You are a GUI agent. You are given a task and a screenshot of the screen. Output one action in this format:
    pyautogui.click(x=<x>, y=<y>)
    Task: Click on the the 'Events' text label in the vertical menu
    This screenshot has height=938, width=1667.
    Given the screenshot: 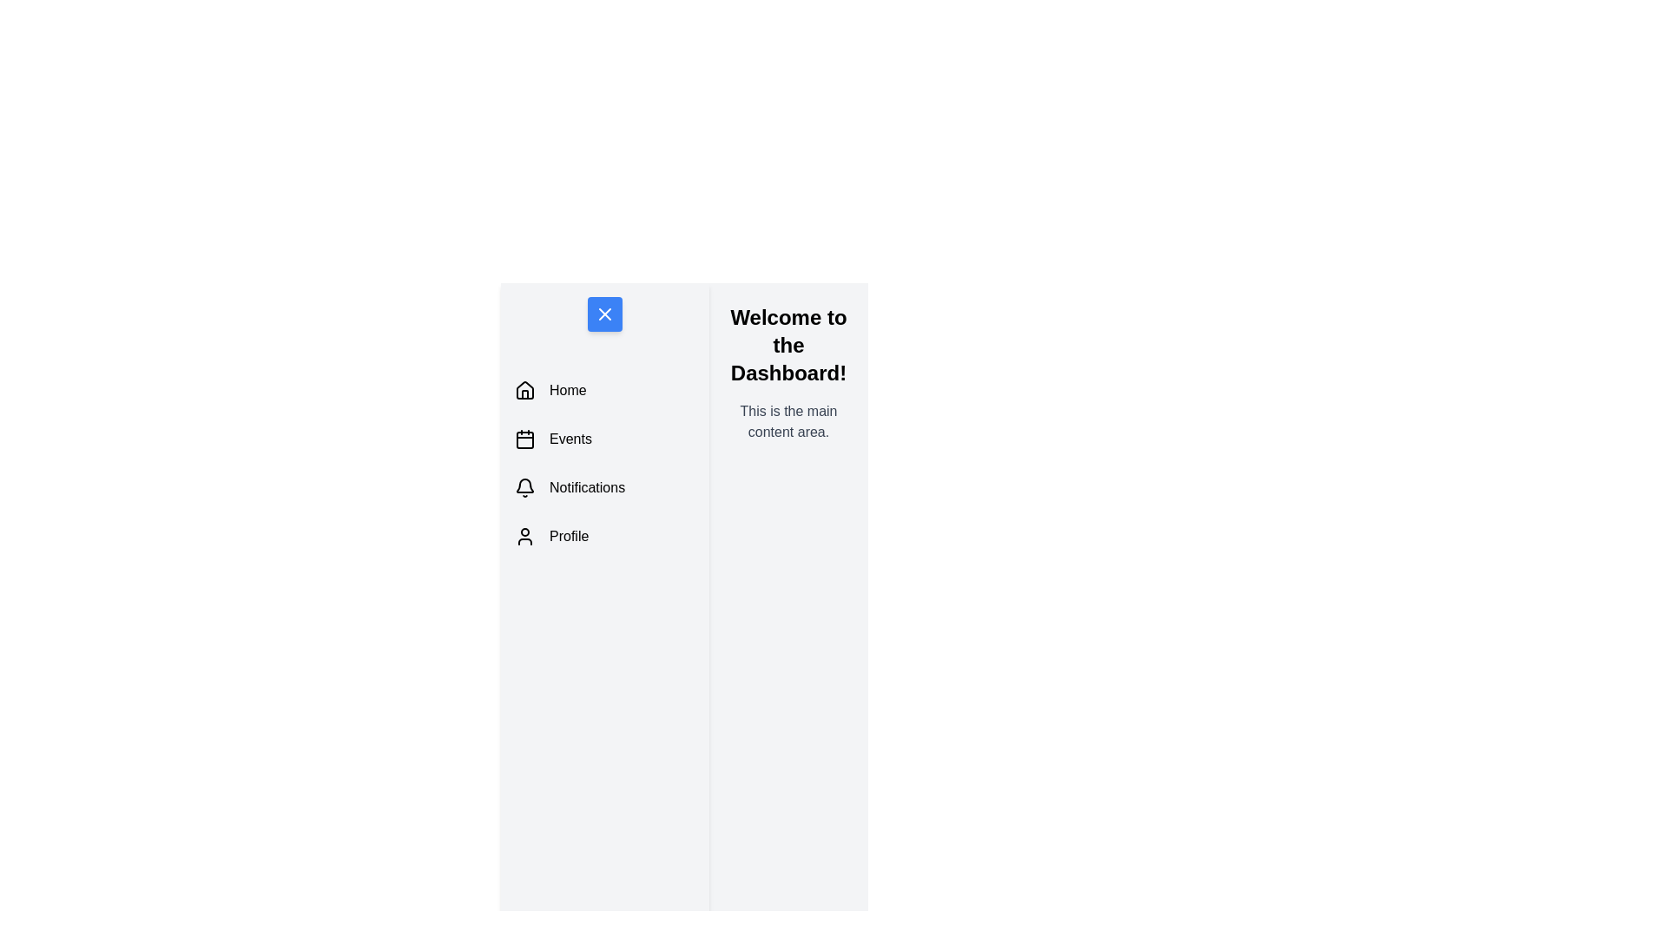 What is the action you would take?
    pyautogui.click(x=570, y=438)
    